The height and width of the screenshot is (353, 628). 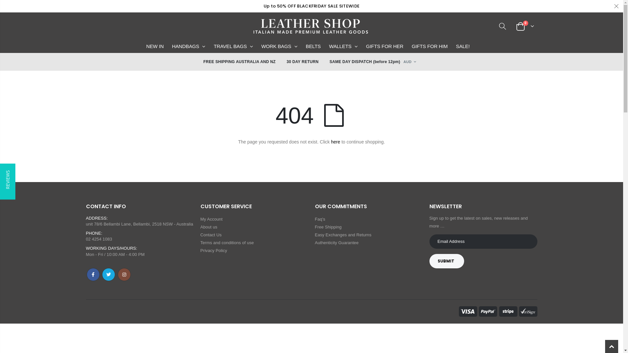 I want to click on 'BBD', so click(x=409, y=161).